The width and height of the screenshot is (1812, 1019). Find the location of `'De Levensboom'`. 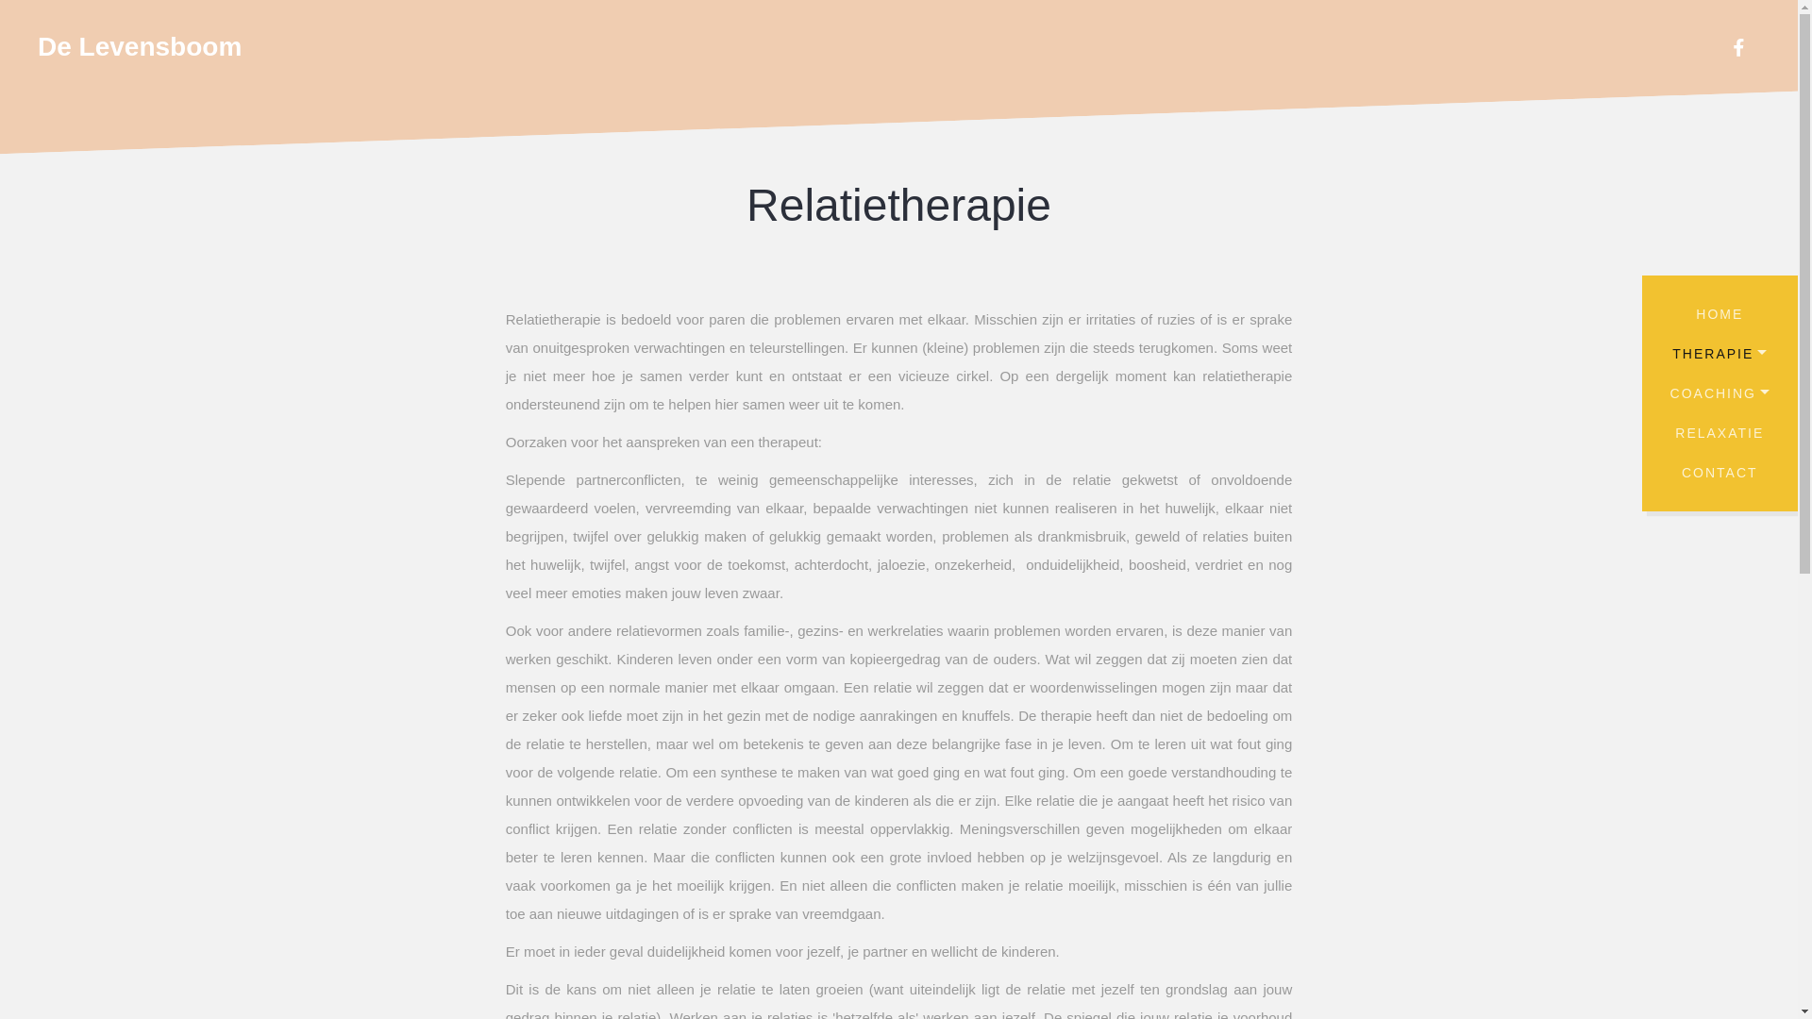

'De Levensboom' is located at coordinates (37, 45).